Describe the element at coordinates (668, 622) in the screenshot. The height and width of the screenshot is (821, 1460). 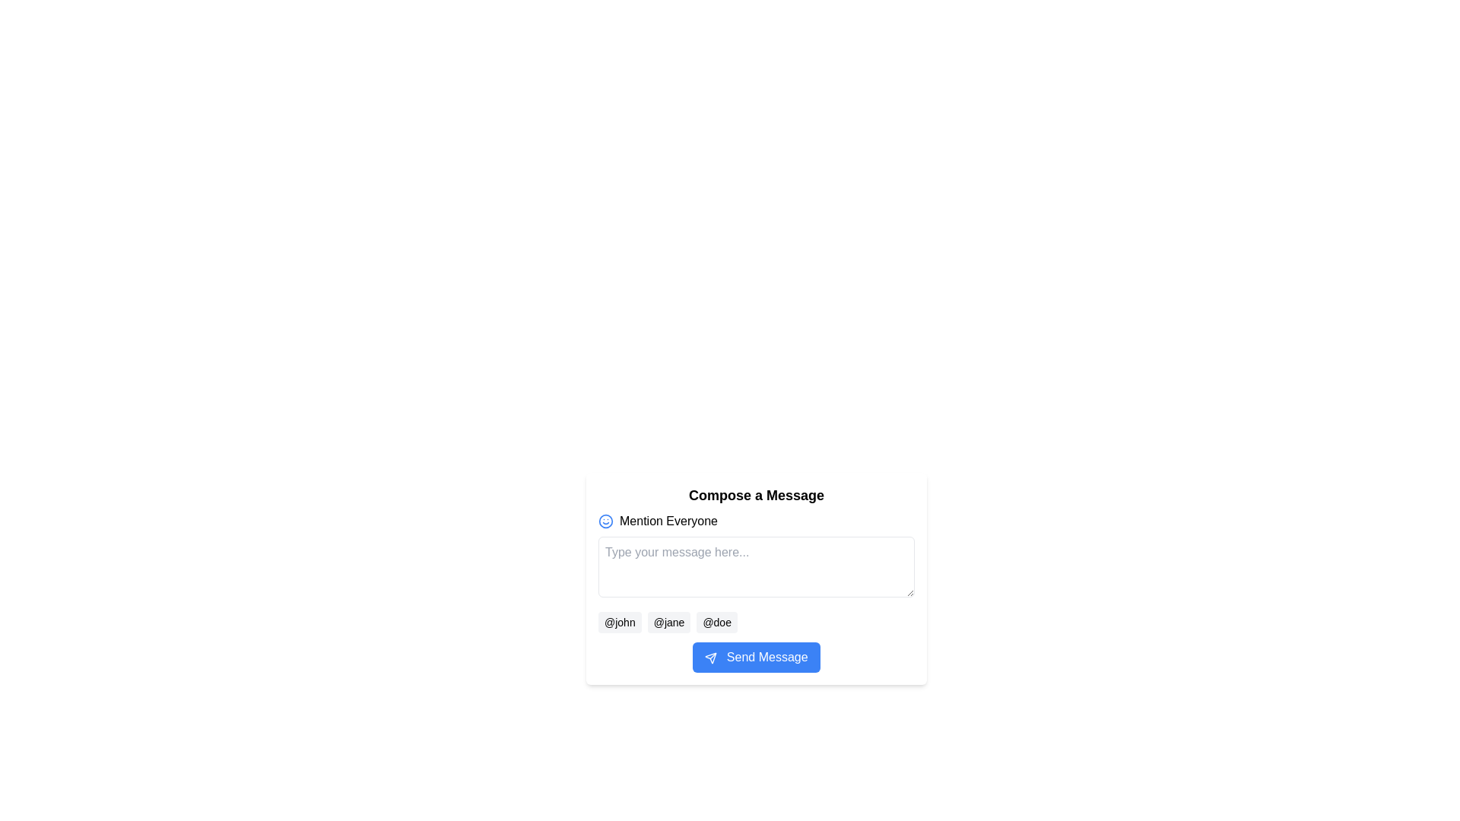
I see `the '@jane' tag, which is the second tag in a group of three tags located beneath the message input box` at that location.